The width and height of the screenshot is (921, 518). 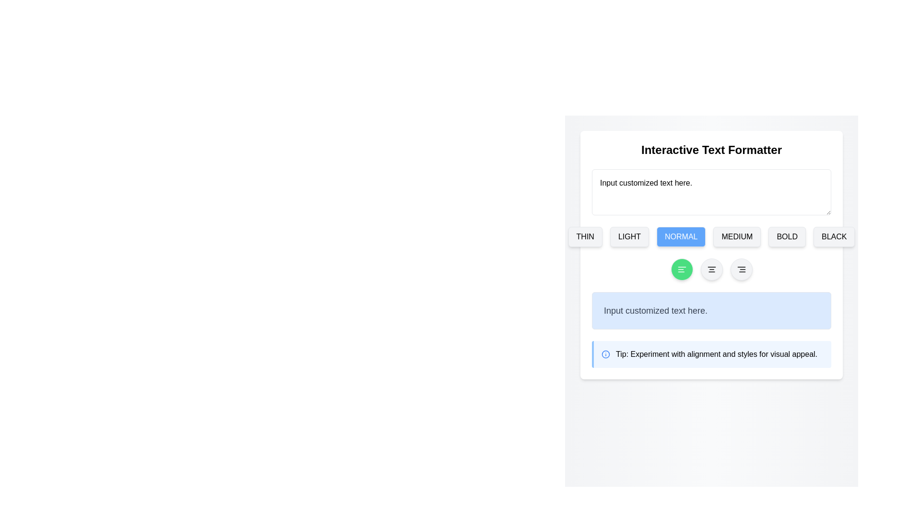 What do you see at coordinates (736, 236) in the screenshot?
I see `the 'MEDIUM' button, which is the fourth button in a row of six buttons labeled 'THIN', 'LIGHT', 'NORMAL', 'MEDIUM', 'BOLD', and 'BLACK'` at bounding box center [736, 236].